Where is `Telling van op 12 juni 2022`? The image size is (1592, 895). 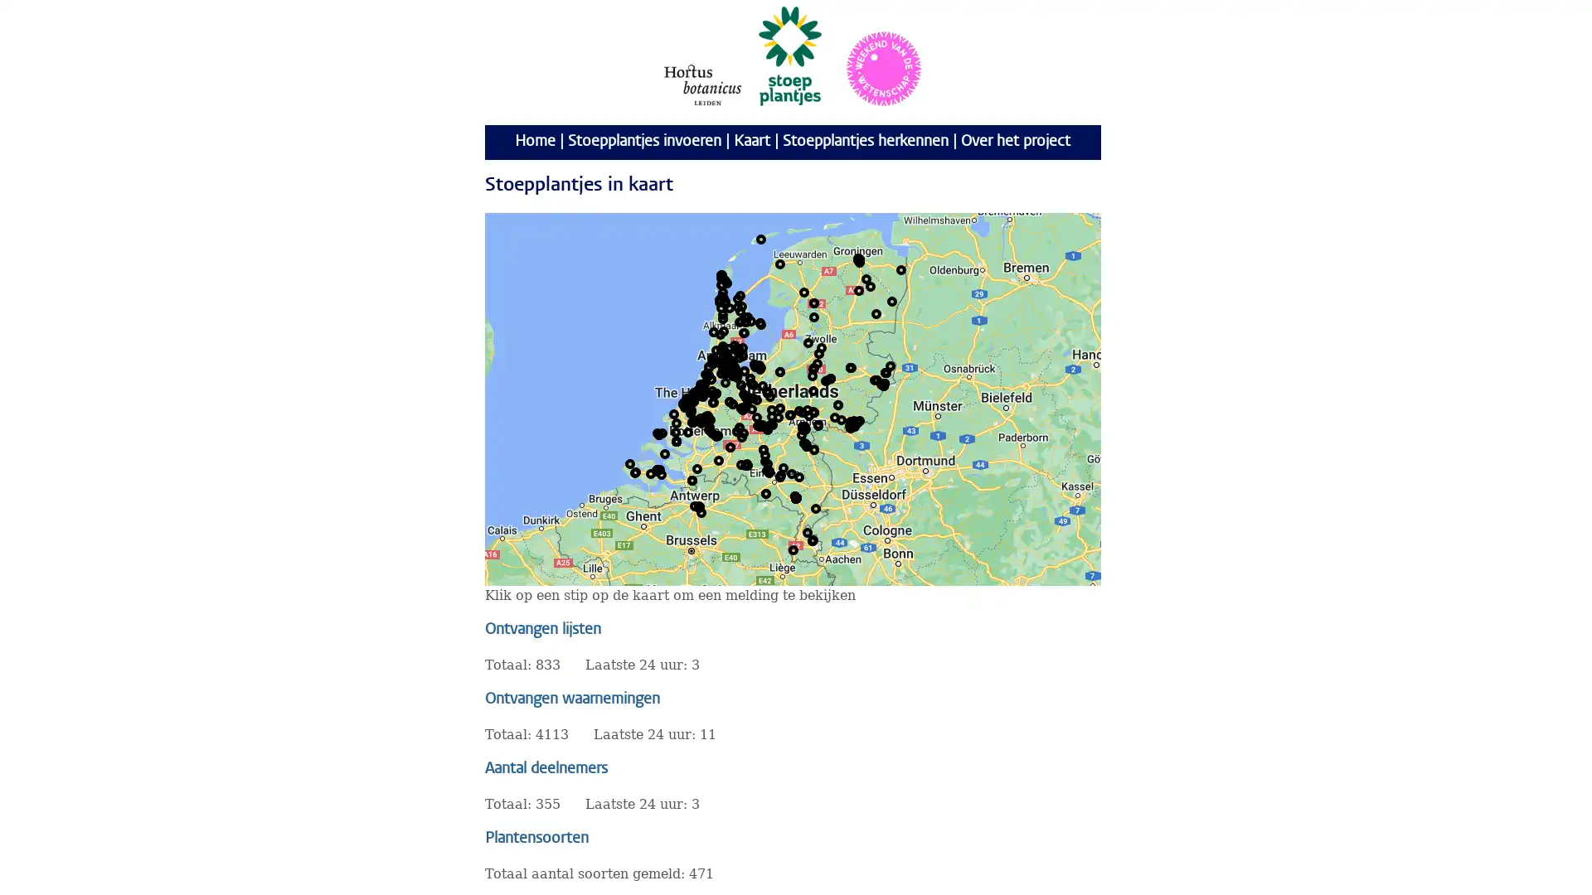
Telling van op 12 juni 2022 is located at coordinates (766, 424).